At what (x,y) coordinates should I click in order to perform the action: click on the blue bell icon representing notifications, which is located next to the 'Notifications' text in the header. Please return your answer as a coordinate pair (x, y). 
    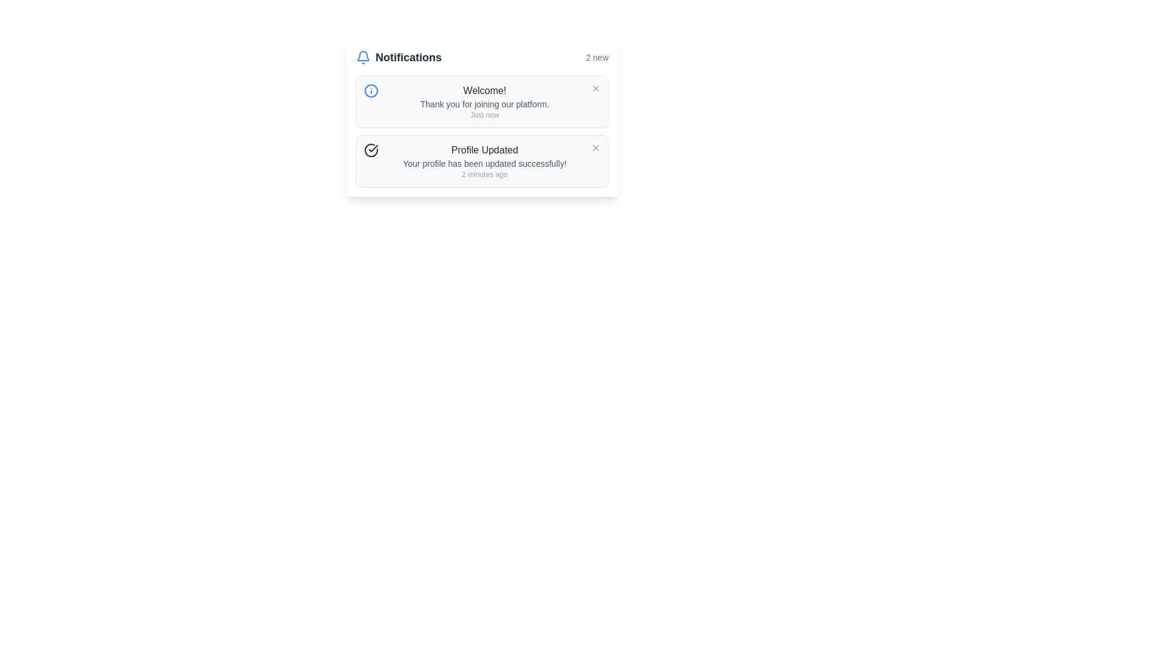
    Looking at the image, I should click on (363, 58).